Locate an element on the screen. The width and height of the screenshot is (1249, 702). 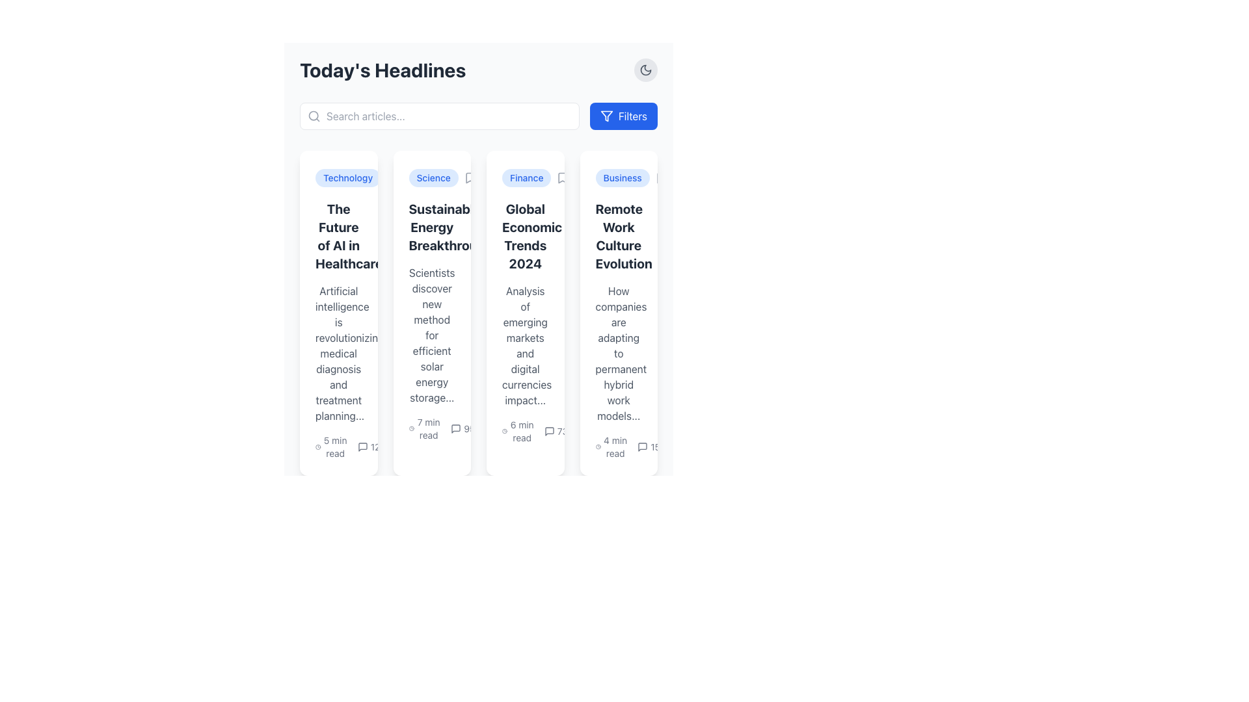
the clock icon that represents the estimated reading time for the article, located to the left of '6 min read' under the 'Global Economic Trends 2024' title is located at coordinates (504, 431).